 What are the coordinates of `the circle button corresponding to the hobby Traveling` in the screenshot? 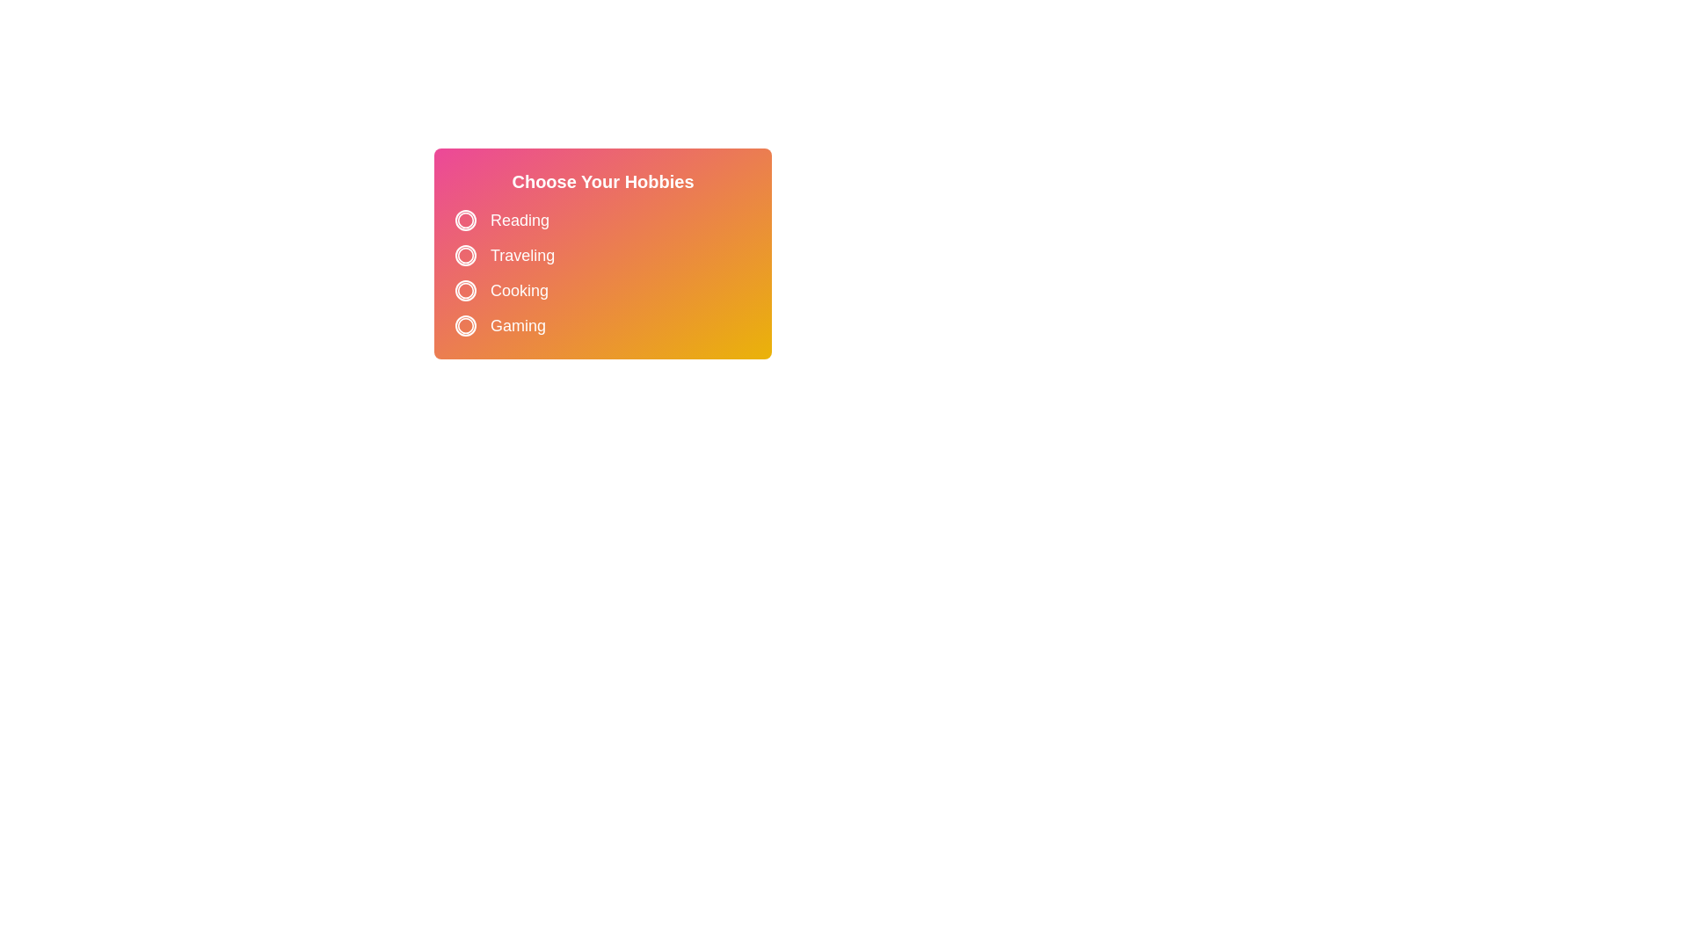 It's located at (465, 255).